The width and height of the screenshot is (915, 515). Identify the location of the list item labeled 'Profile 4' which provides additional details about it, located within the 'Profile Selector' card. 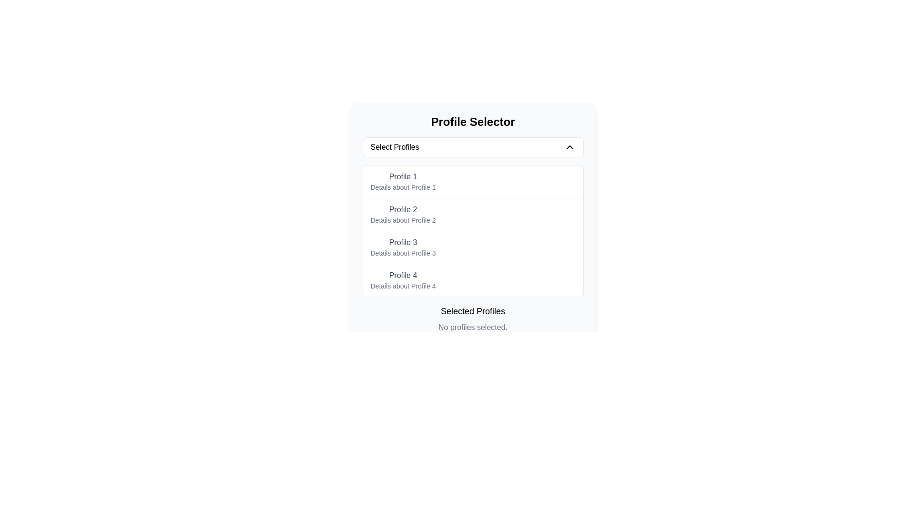
(403, 279).